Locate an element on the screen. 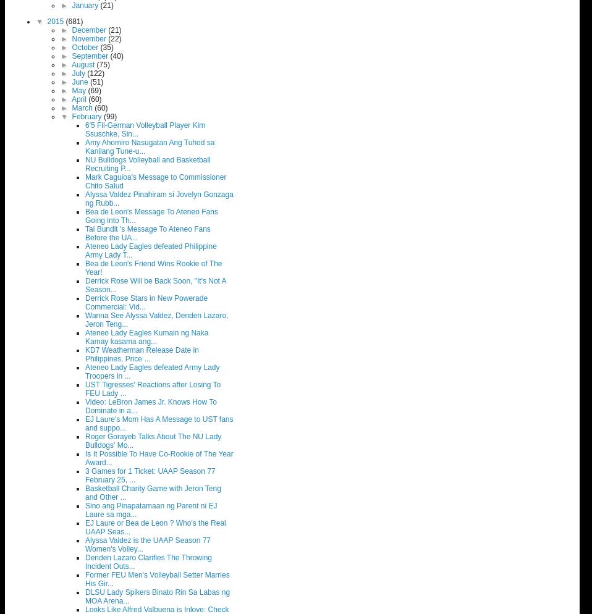  'November' is located at coordinates (90, 38).